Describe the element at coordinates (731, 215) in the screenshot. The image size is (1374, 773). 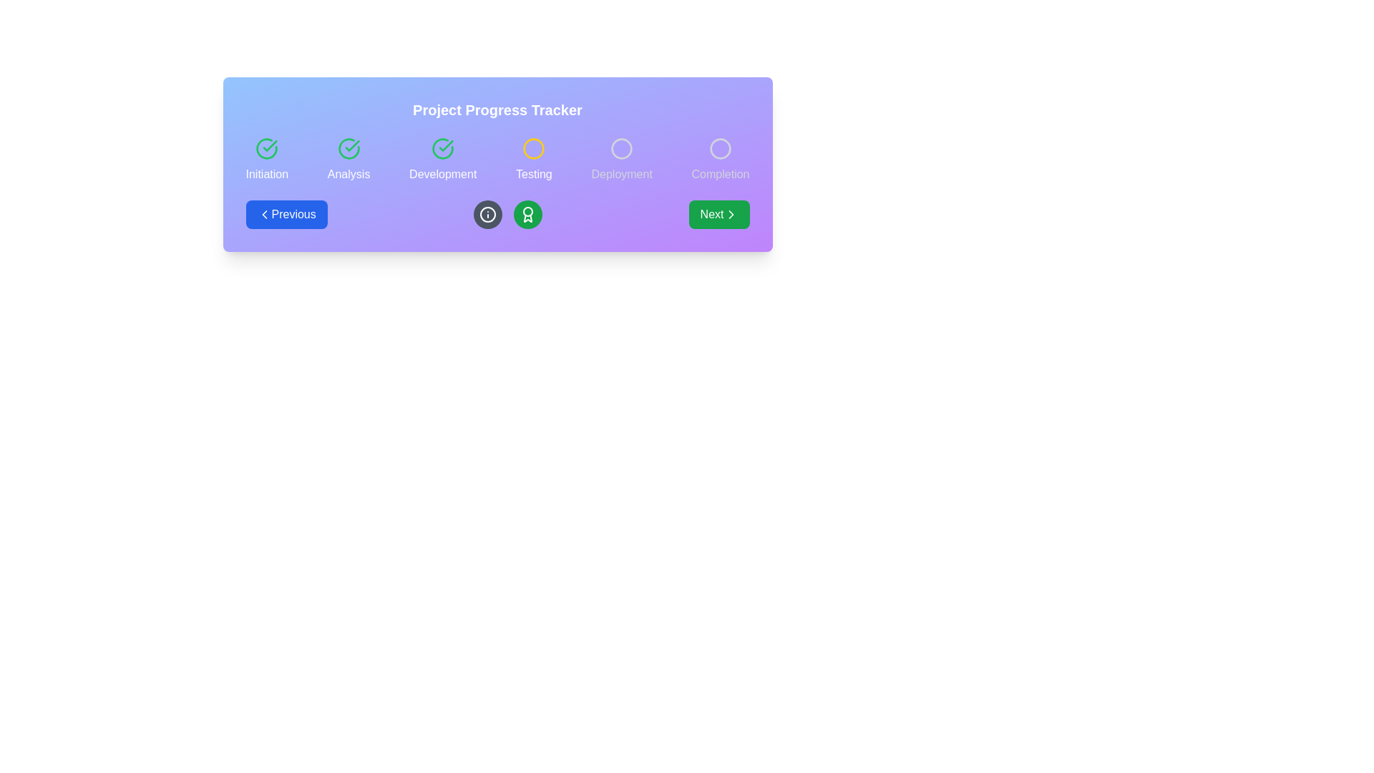
I see `the visual style of the chevron icon embedded within the 'Next' button located at the bottom-right corner of the interface` at that location.